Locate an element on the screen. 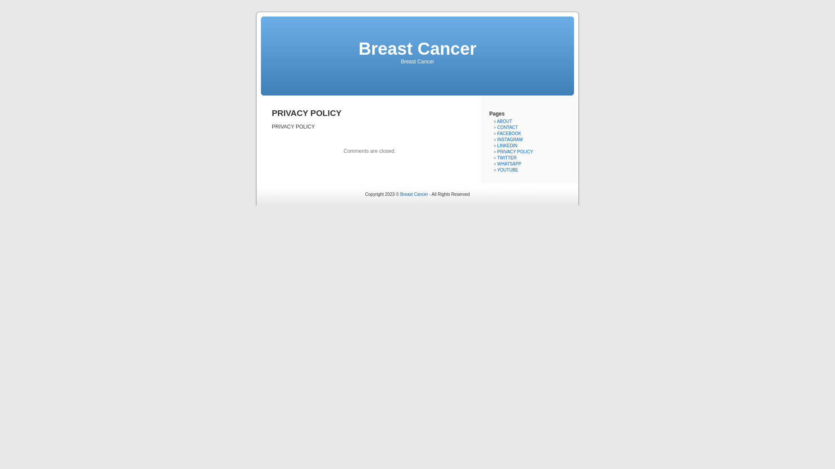 Image resolution: width=835 pixels, height=469 pixels. 'LINKEDIN' is located at coordinates (507, 145).